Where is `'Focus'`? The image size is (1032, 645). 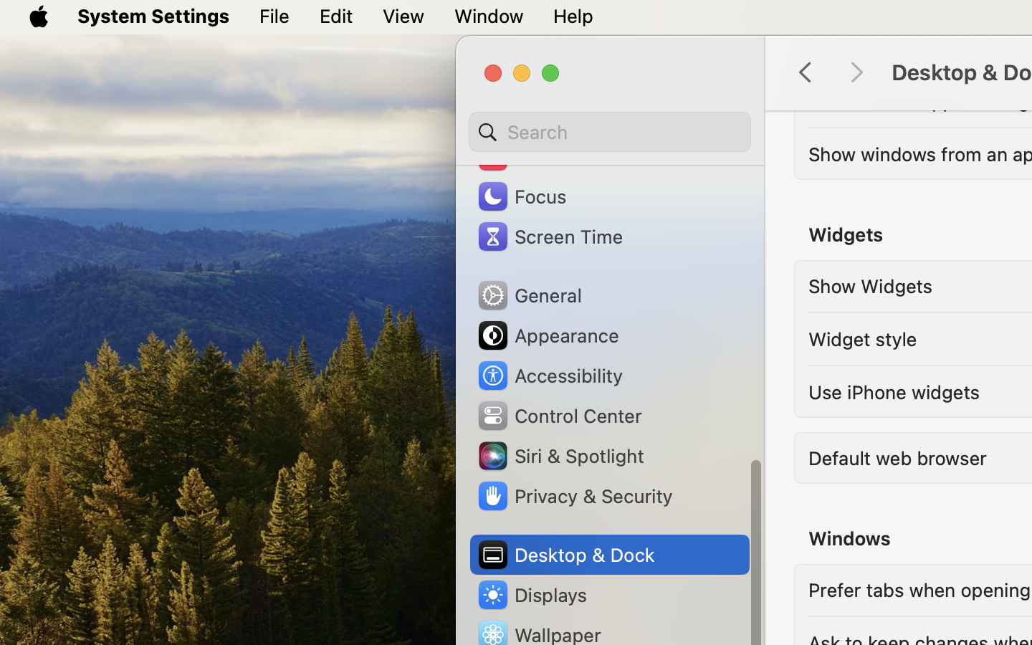 'Focus' is located at coordinates (520, 195).